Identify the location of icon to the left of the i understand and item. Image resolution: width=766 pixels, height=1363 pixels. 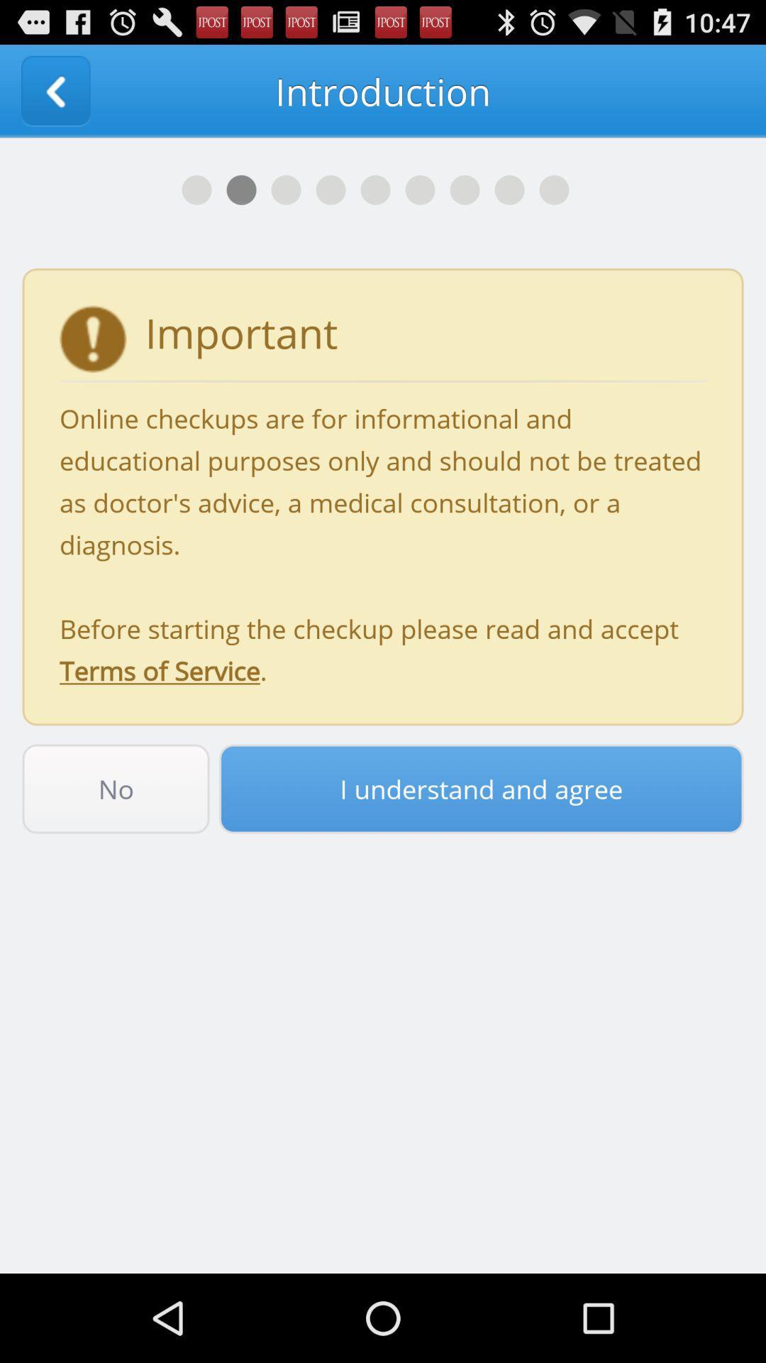
(115, 788).